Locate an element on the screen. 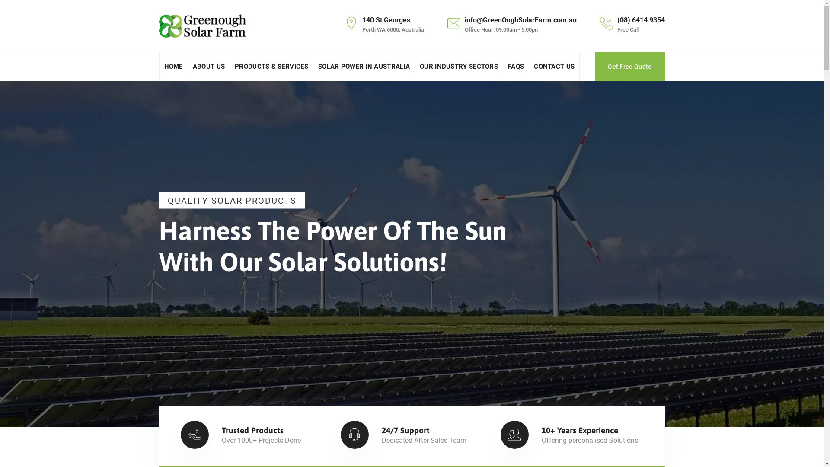 This screenshot has width=830, height=467. 'info@GreenOughSolarFarm.com.au' is located at coordinates (520, 19).